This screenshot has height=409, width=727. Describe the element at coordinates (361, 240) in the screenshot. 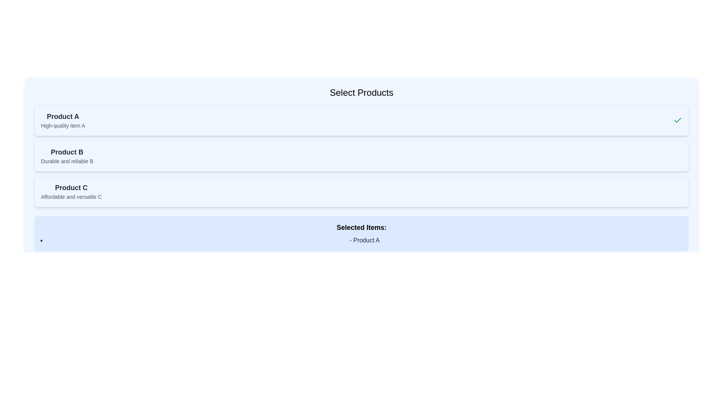

I see `the text label displaying '- Product A' which is styled with a disc bullet point and positioned in a light blue box under the heading 'Selected Items:'` at that location.